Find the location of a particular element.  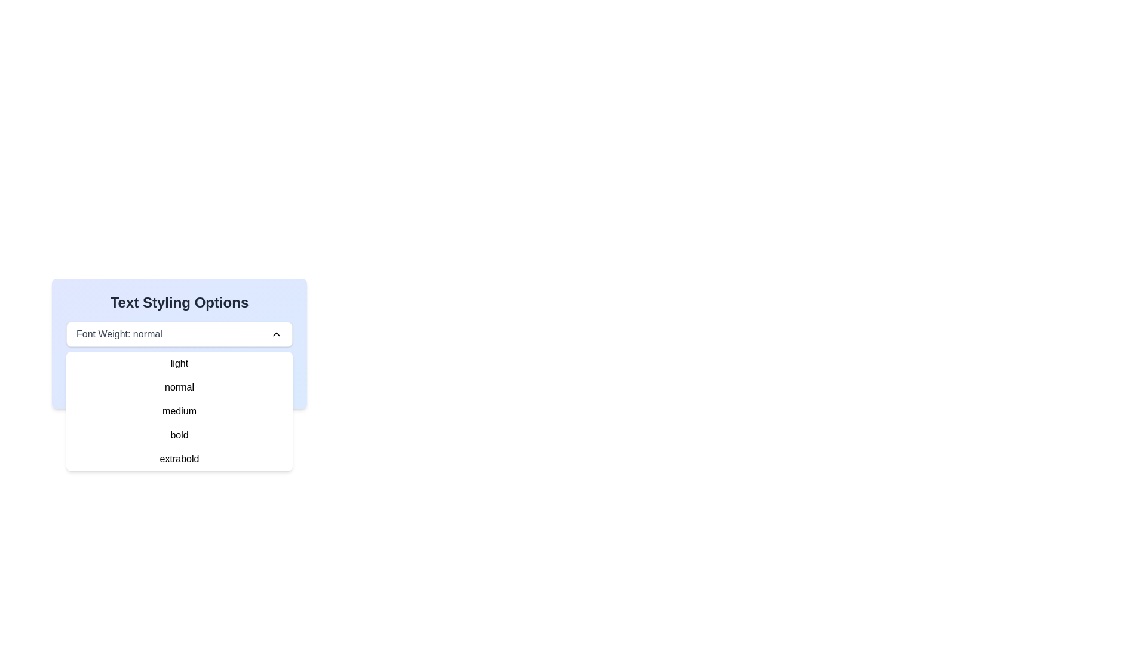

the dropdown menu labeled 'Font Weight: normal' for keyboard interactions is located at coordinates (179, 334).